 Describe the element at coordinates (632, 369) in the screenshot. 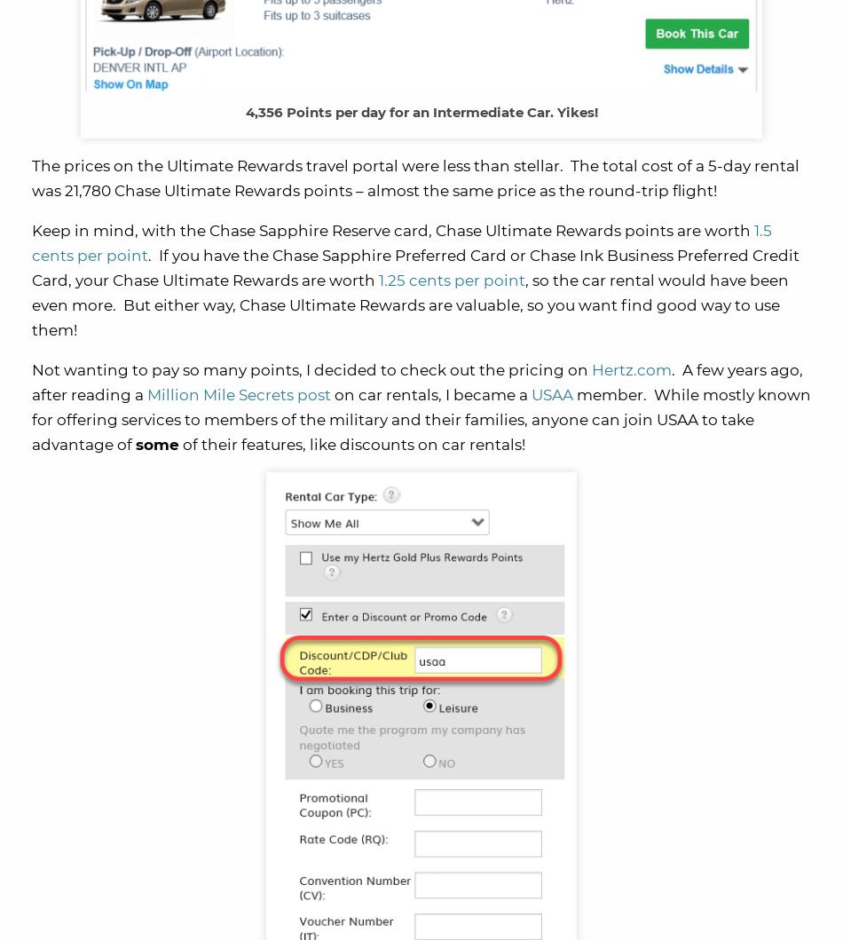

I see `'Hertz.com'` at that location.